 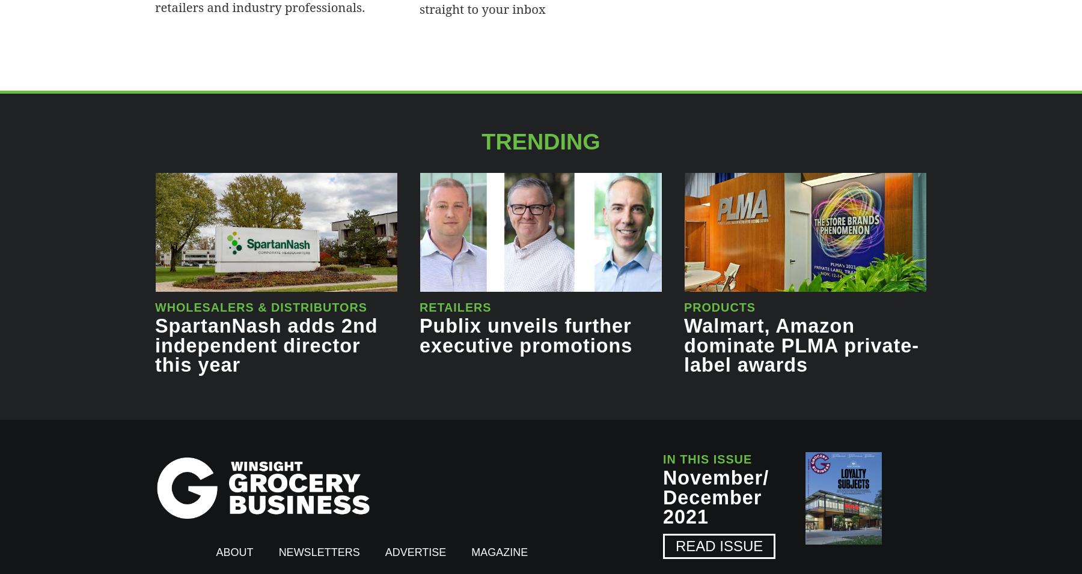 I want to click on 'Wholesalers & Distributors', so click(x=260, y=307).